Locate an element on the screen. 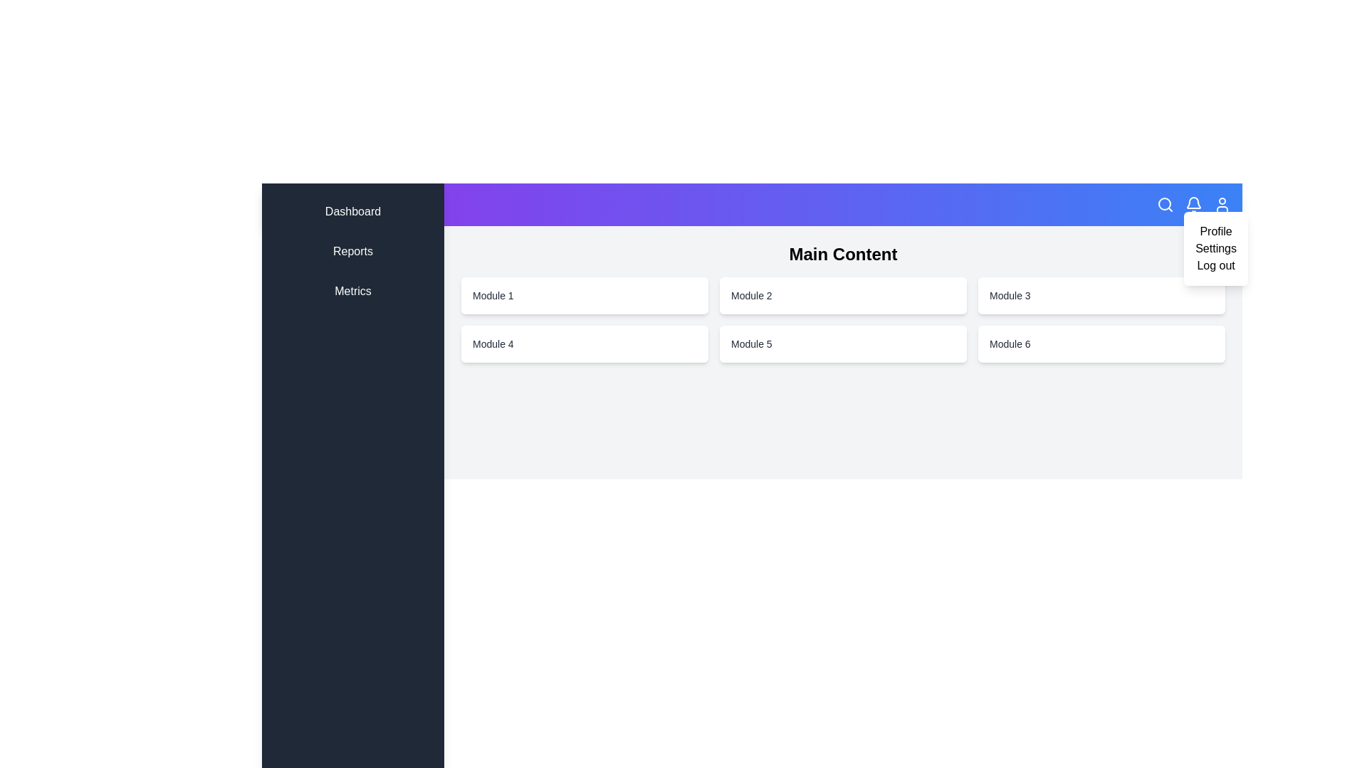  the 'Profile' text label in the dropdown menu located in the top-right corner of the interface to change its appearance is located at coordinates (1215, 231).